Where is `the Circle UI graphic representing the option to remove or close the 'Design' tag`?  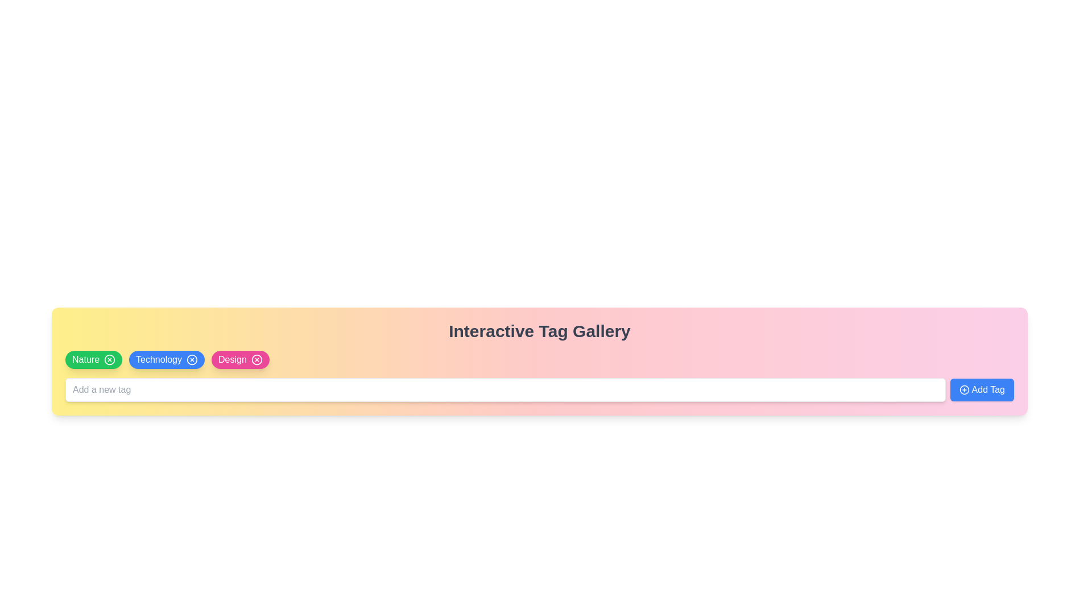 the Circle UI graphic representing the option to remove or close the 'Design' tag is located at coordinates (256, 359).